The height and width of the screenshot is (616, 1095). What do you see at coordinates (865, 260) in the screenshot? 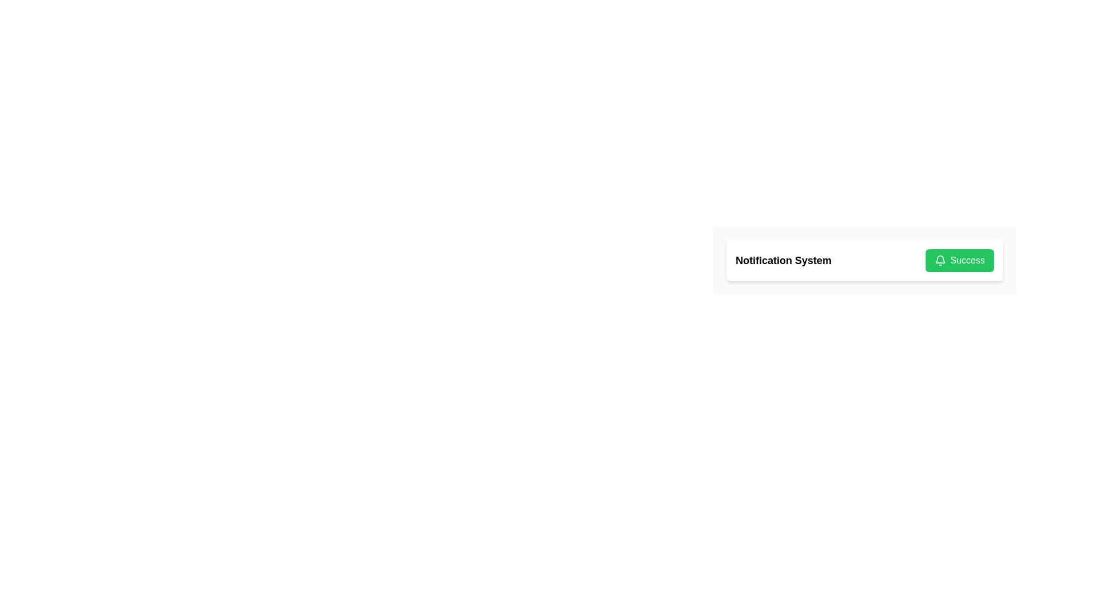
I see `icon in the notification bar labeled 'Notification System' with a 'Success' label on the right side` at bounding box center [865, 260].